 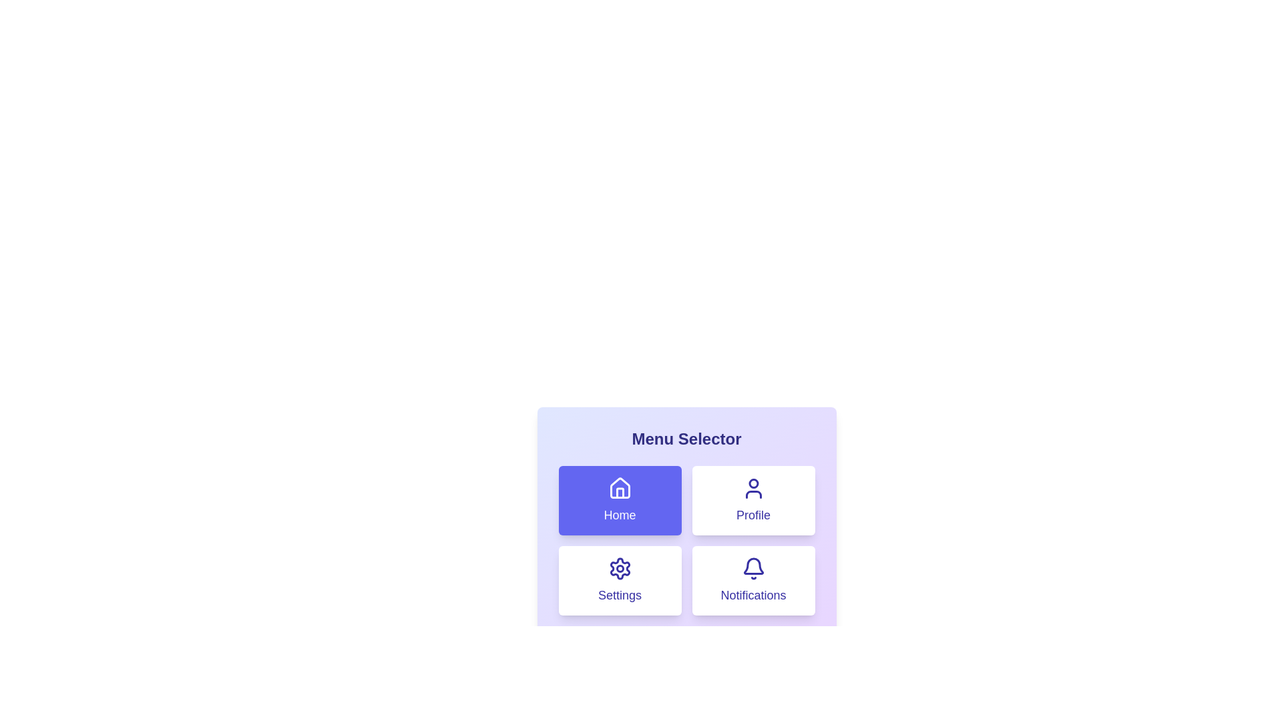 I want to click on the menu option Profile to select it, so click(x=753, y=500).